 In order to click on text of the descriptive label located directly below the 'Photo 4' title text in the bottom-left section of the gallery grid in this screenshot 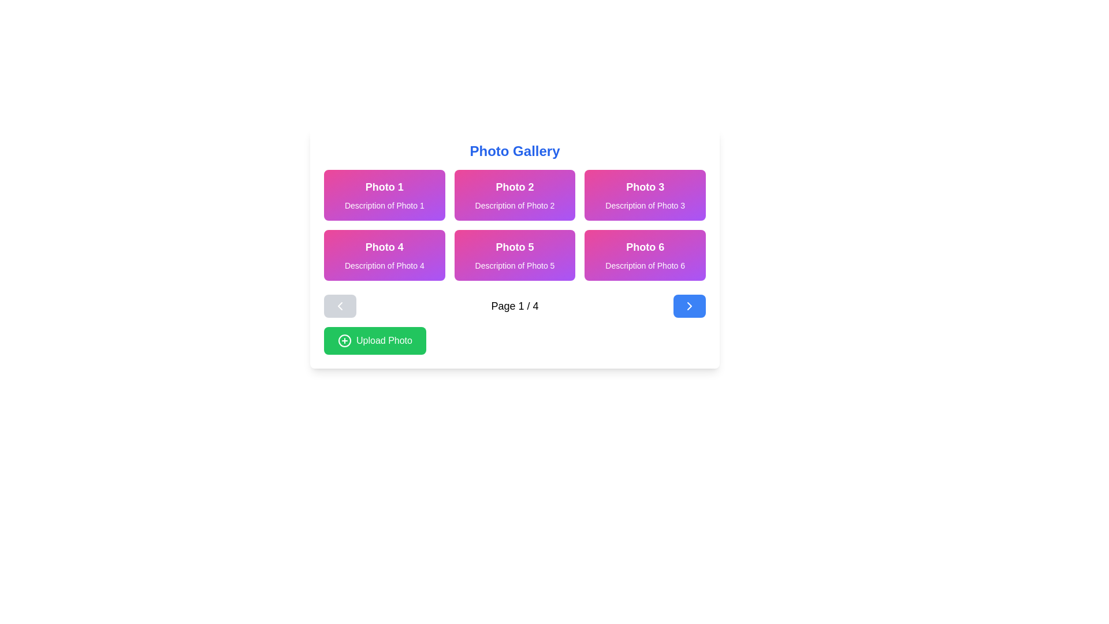, I will do `click(384, 265)`.